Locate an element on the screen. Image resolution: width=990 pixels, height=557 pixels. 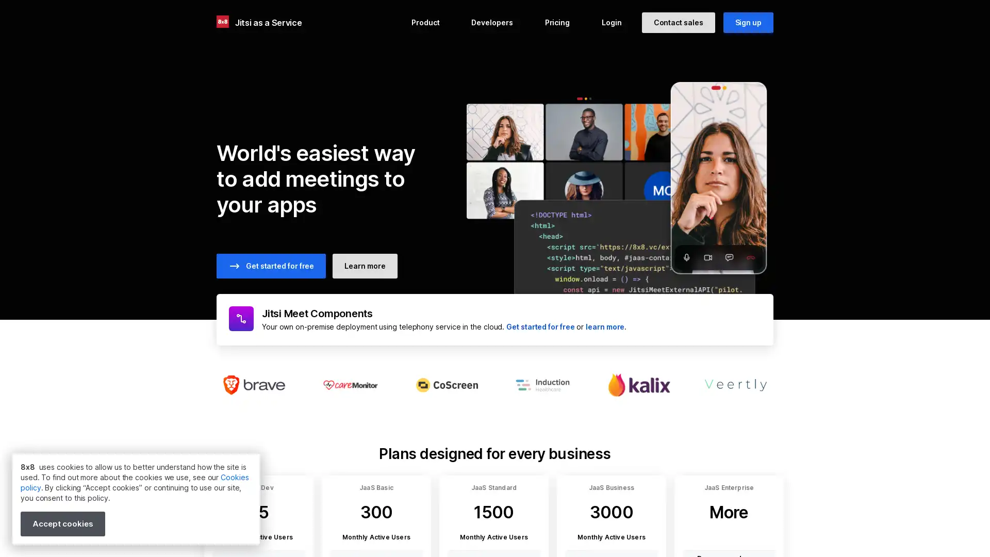
Pricing is located at coordinates (556, 22).